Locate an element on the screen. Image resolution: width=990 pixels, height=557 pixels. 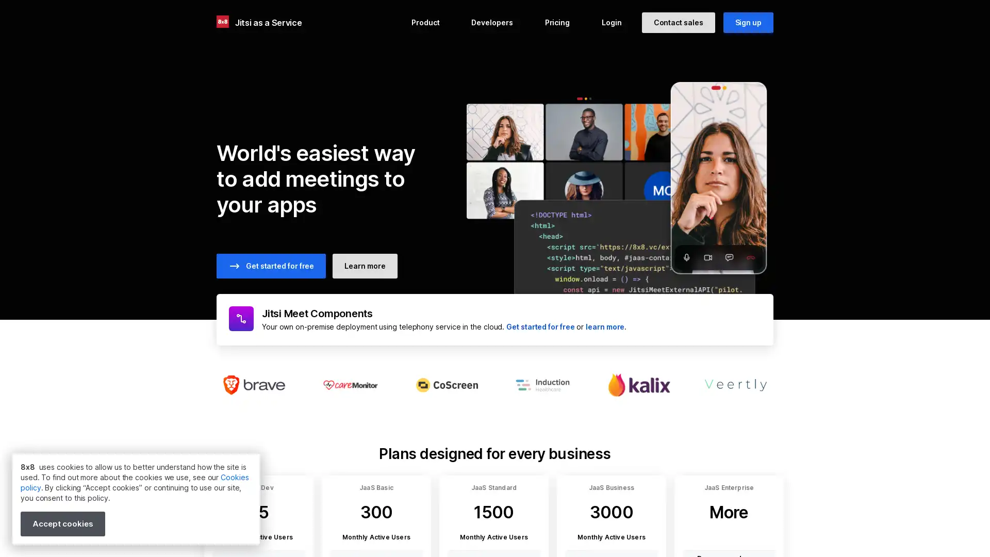
Pricing is located at coordinates (556, 22).